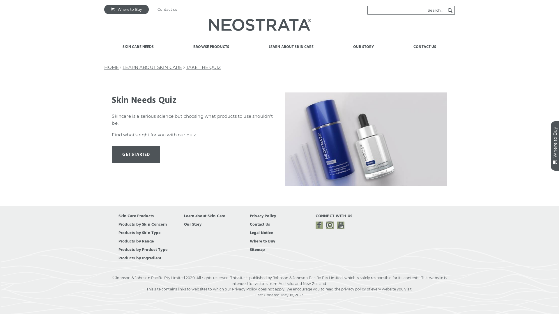 This screenshot has width=559, height=314. I want to click on 'Contact Us', so click(259, 224).